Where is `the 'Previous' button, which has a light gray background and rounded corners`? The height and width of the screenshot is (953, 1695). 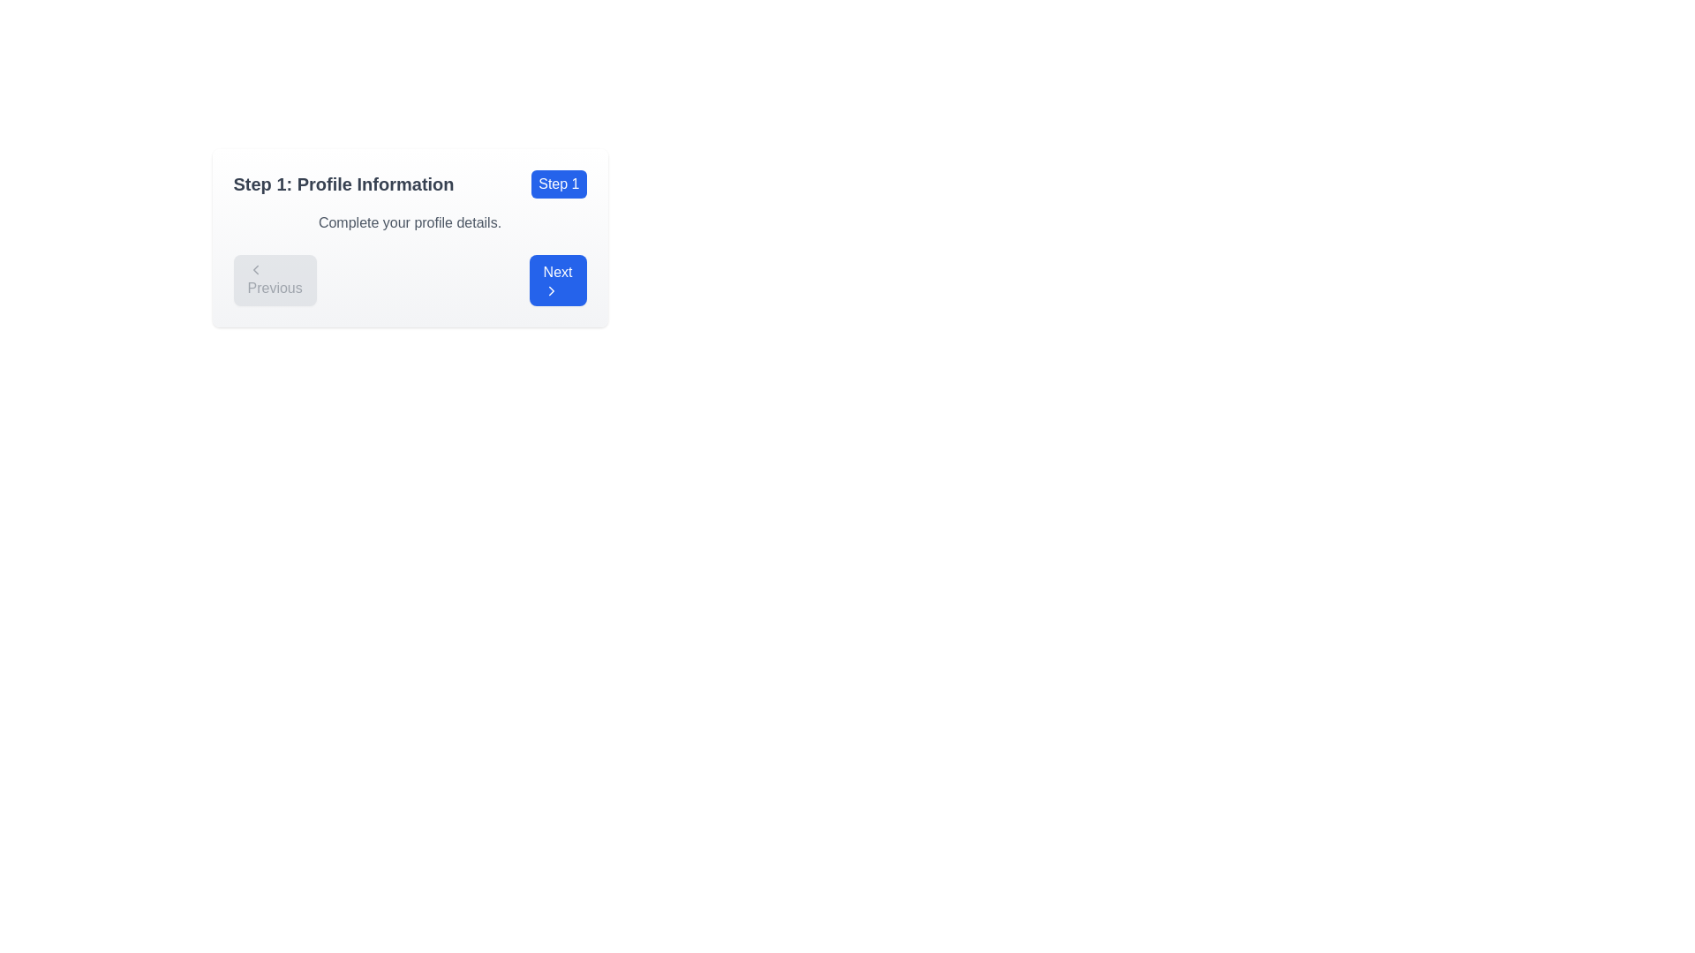 the 'Previous' button, which has a light gray background and rounded corners is located at coordinates (274, 279).